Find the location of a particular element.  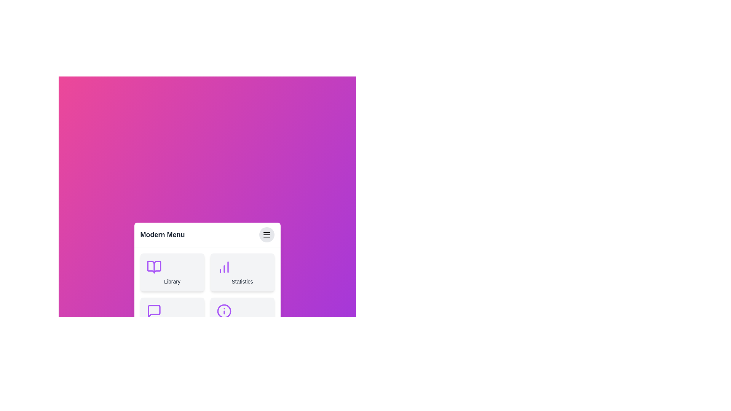

the menu item About to observe its hover effect is located at coordinates (242, 316).